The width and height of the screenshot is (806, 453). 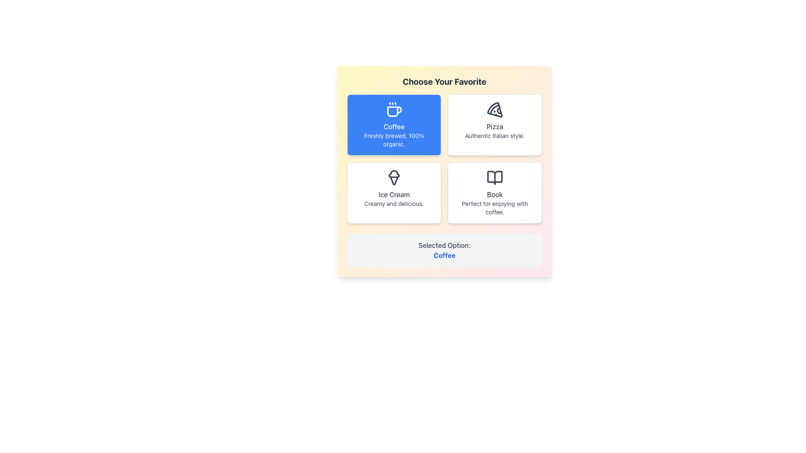 I want to click on the text label displaying 'Freshly brewed, 100% organic.' which is centrally aligned beneath the 'Coffee' label in the card with a blue background, so click(x=394, y=140).